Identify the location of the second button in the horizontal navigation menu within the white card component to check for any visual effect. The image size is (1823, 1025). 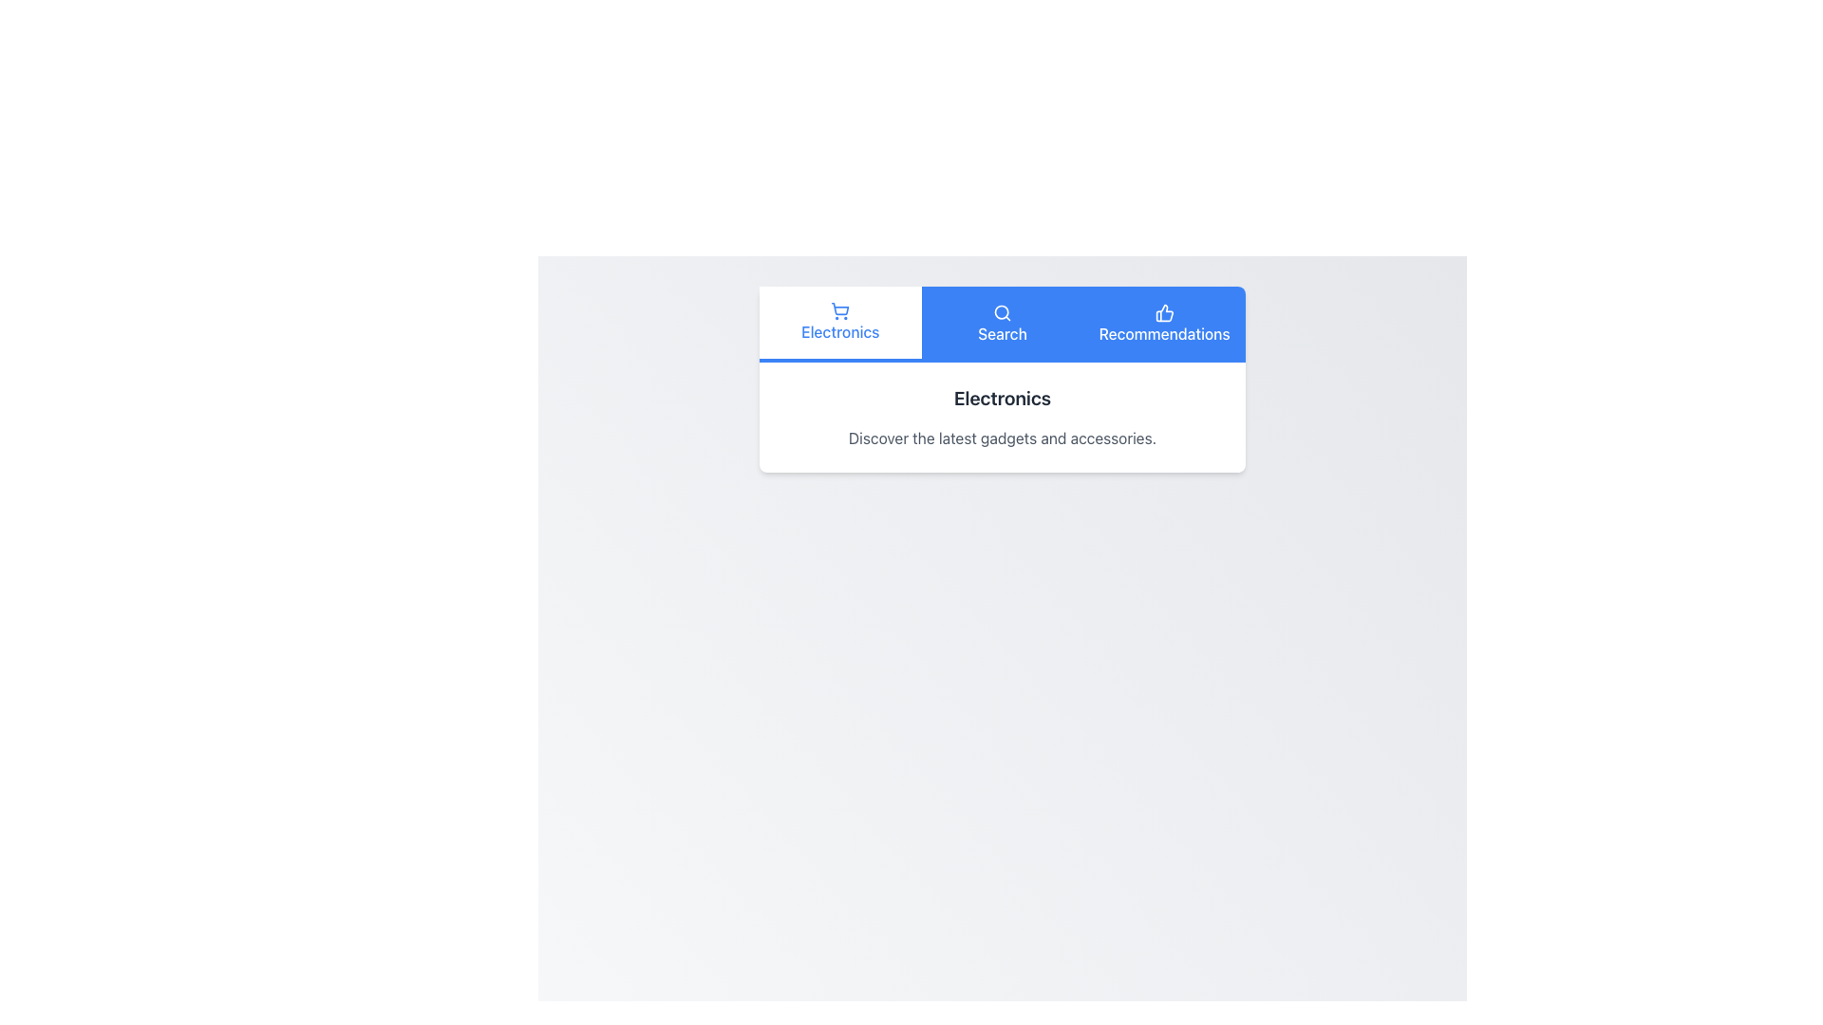
(1002, 324).